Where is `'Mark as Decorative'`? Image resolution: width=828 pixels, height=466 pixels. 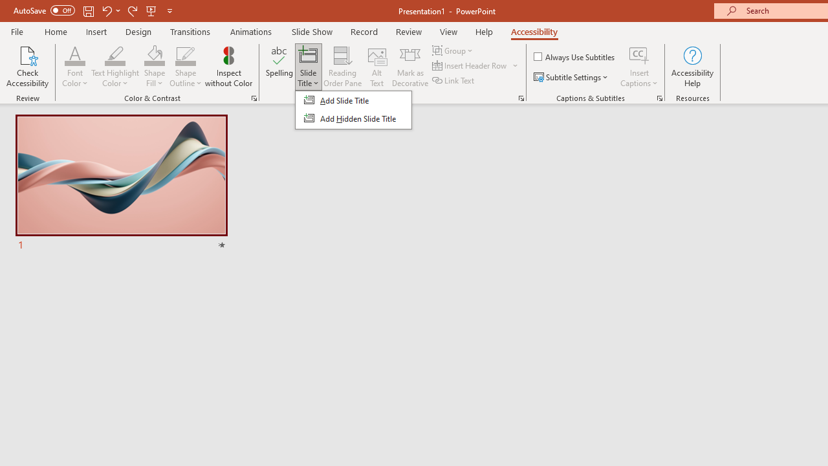
'Mark as Decorative' is located at coordinates (409, 67).